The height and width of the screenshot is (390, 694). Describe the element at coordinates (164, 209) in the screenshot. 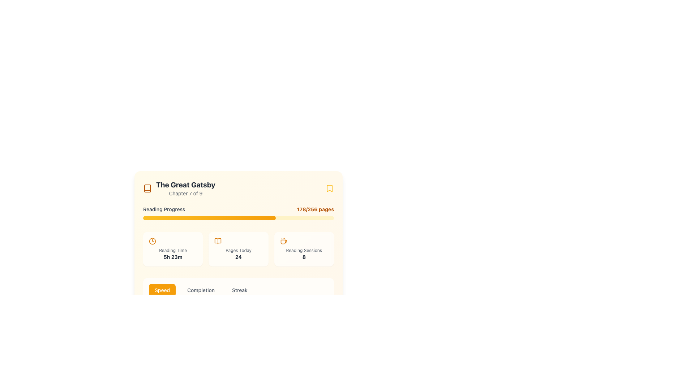

I see `the text label 'Reading Progress', which is styled in a small gray font and located above the progress bar` at that location.